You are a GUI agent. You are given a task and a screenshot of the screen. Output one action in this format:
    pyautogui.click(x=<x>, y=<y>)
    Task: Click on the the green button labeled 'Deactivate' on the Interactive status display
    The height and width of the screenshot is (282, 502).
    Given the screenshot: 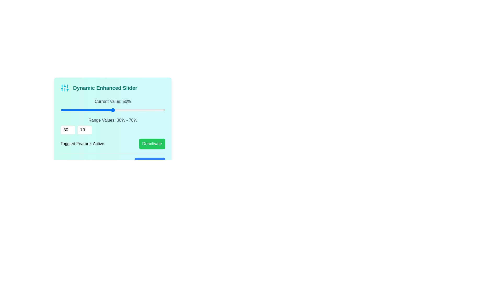 What is the action you would take?
    pyautogui.click(x=112, y=144)
    